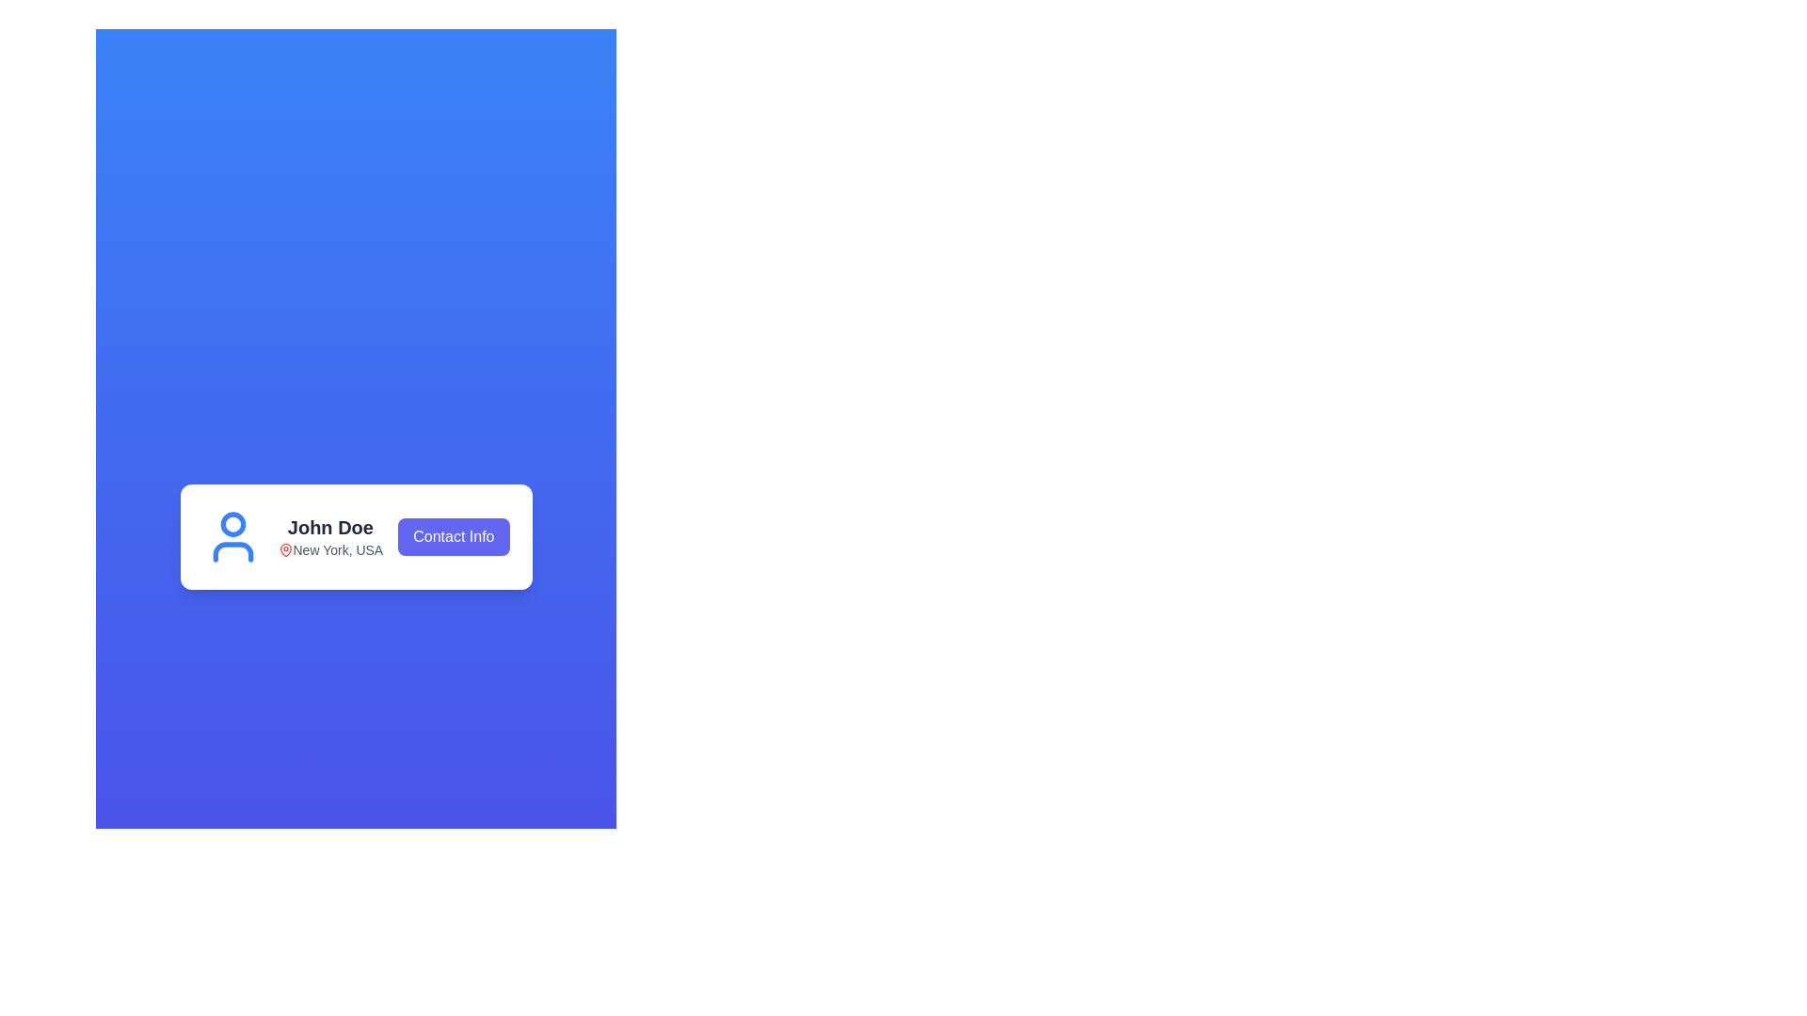 This screenshot has width=1807, height=1016. What do you see at coordinates (232, 524) in the screenshot?
I see `the Decorative SVG circle, which is a blue-bordered circular shape located at the upper-center section of the user icon illustration adjacent to 'John Doe' and the 'Contact Info' button` at bounding box center [232, 524].